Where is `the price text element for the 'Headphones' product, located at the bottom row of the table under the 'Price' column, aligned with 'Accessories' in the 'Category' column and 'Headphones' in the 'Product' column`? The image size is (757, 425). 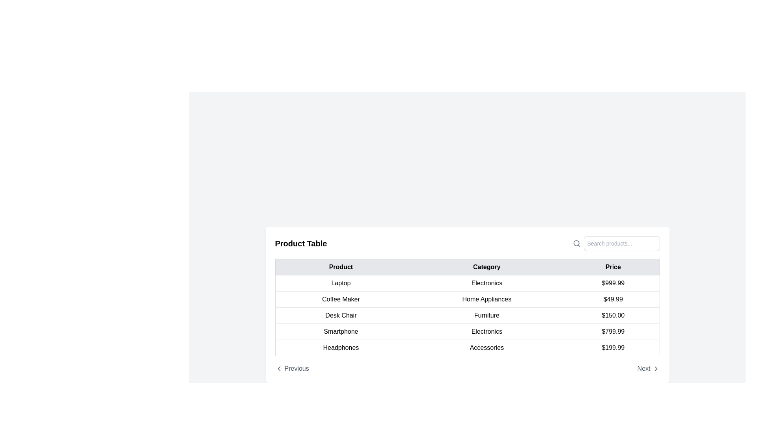 the price text element for the 'Headphones' product, located at the bottom row of the table under the 'Price' column, aligned with 'Accessories' in the 'Category' column and 'Headphones' in the 'Product' column is located at coordinates (613, 347).